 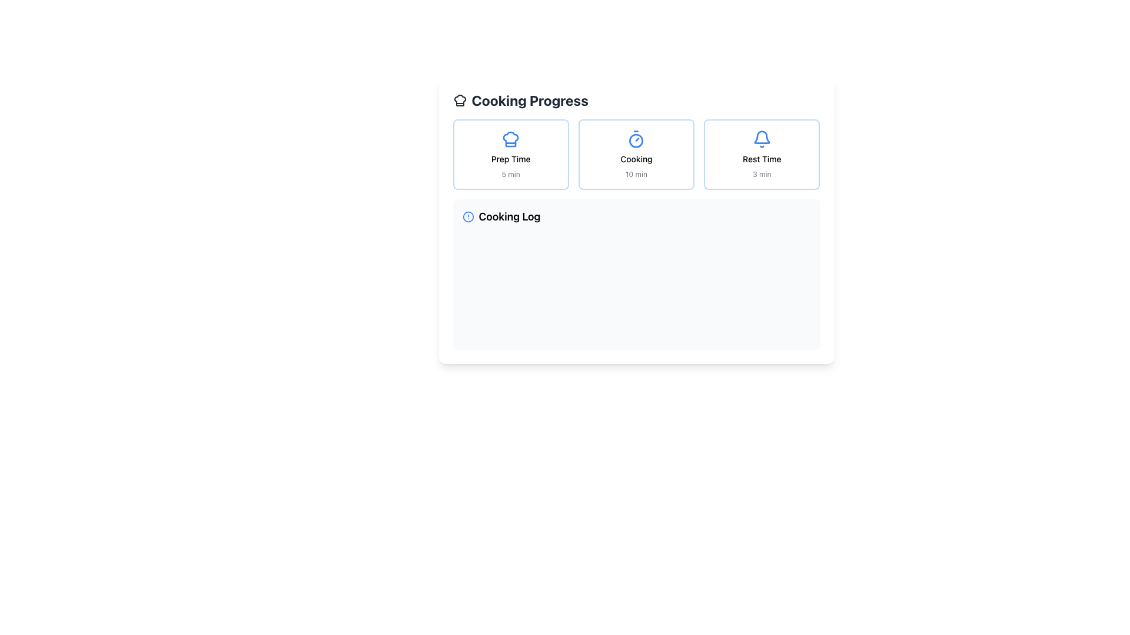 What do you see at coordinates (636, 159) in the screenshot?
I see `the 'Cooking' label, which is the second text label in a group of three, located below a timer icon and above '10 min'` at bounding box center [636, 159].